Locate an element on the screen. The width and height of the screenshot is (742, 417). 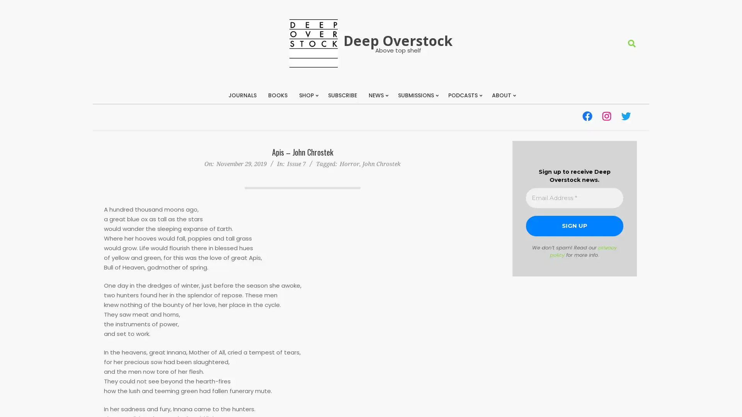
Sign up is located at coordinates (574, 226).